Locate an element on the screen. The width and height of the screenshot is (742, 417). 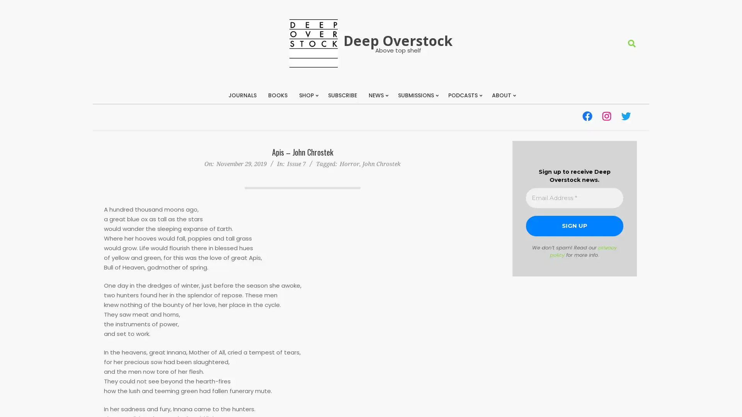
Sign up is located at coordinates (574, 226).